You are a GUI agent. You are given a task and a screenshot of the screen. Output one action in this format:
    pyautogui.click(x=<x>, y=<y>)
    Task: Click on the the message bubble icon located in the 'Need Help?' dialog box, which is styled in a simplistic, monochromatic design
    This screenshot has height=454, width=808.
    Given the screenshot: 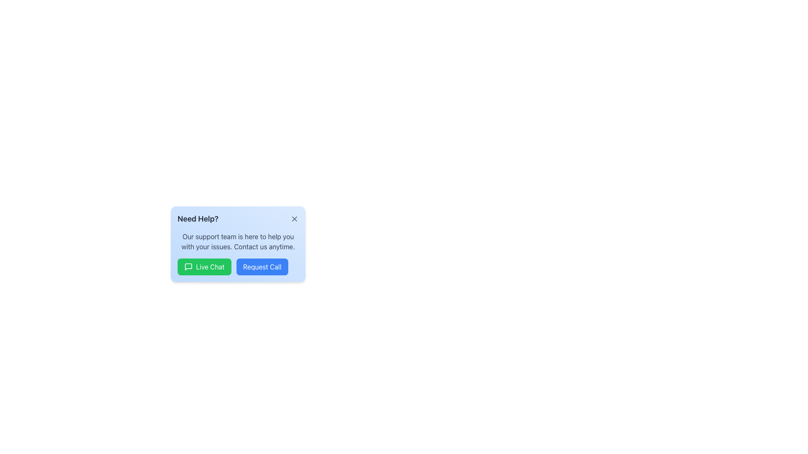 What is the action you would take?
    pyautogui.click(x=188, y=267)
    